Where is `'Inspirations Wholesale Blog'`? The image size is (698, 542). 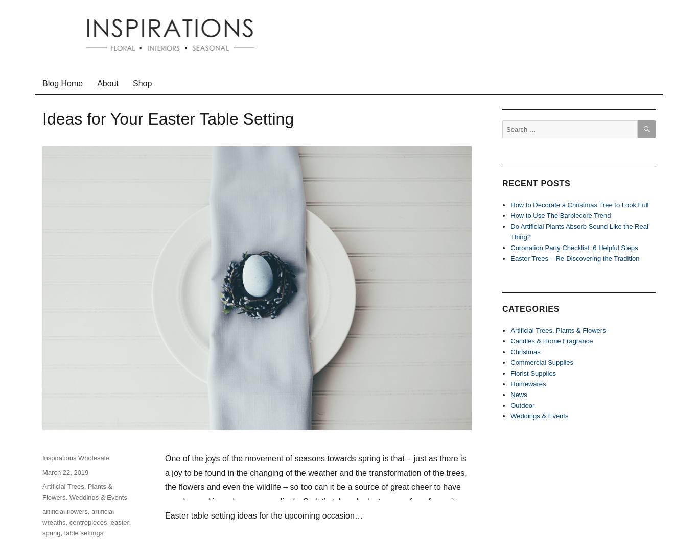 'Inspirations Wholesale Blog' is located at coordinates (130, 74).